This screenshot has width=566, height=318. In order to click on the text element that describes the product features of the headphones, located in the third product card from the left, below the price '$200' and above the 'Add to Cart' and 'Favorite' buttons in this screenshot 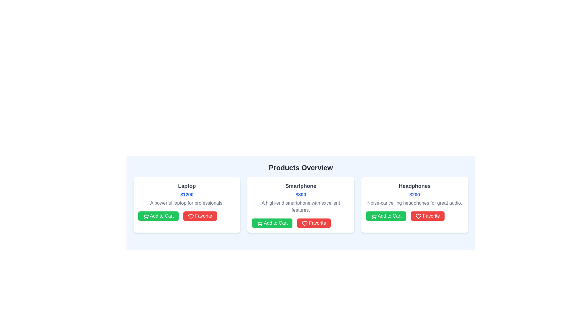, I will do `click(414, 203)`.